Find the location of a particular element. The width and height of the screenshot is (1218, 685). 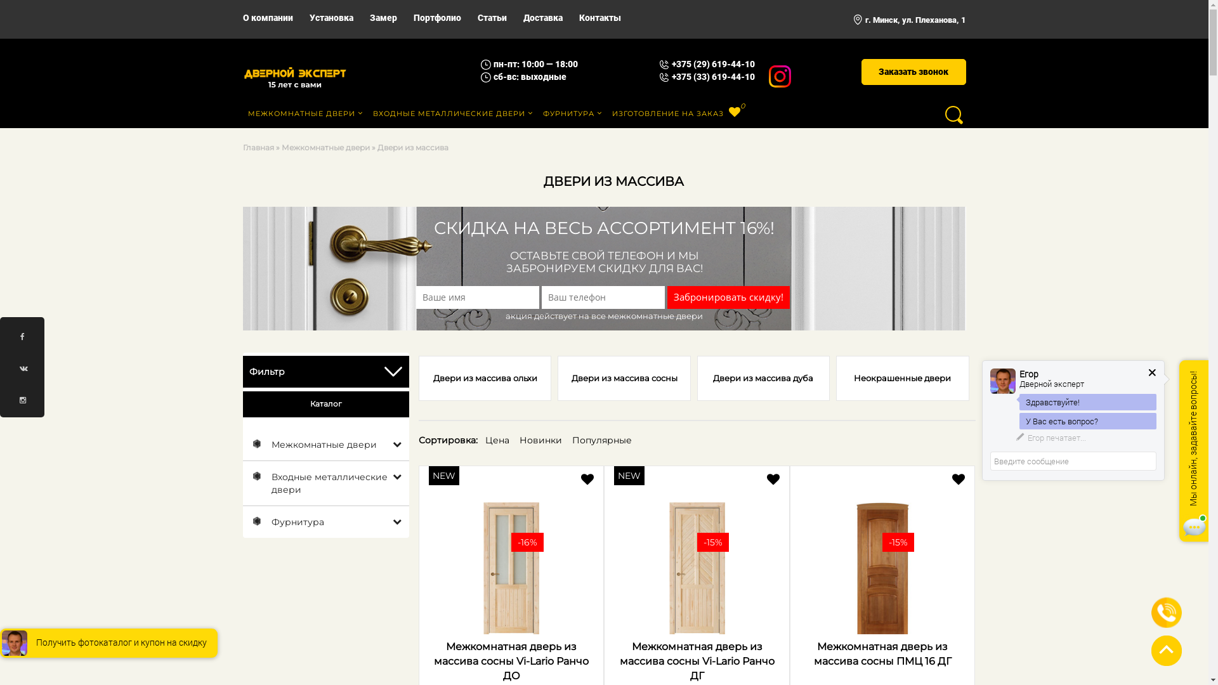

'+375 (33) 619-44-10' is located at coordinates (713, 76).